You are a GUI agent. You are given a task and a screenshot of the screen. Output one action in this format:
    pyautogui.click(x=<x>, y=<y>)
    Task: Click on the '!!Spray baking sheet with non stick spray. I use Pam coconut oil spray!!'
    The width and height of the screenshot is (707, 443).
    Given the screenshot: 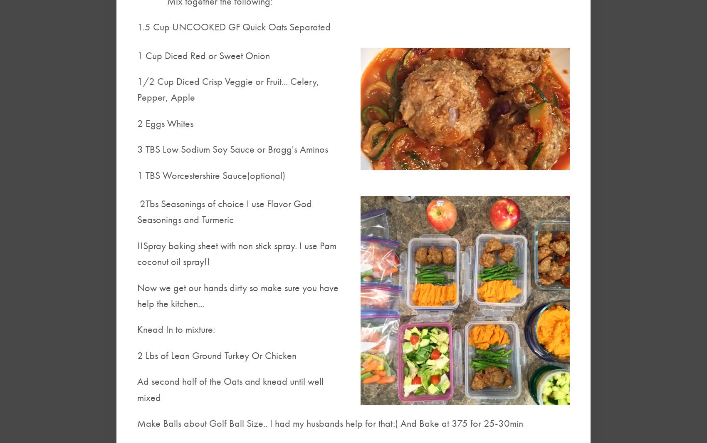 What is the action you would take?
    pyautogui.click(x=236, y=253)
    